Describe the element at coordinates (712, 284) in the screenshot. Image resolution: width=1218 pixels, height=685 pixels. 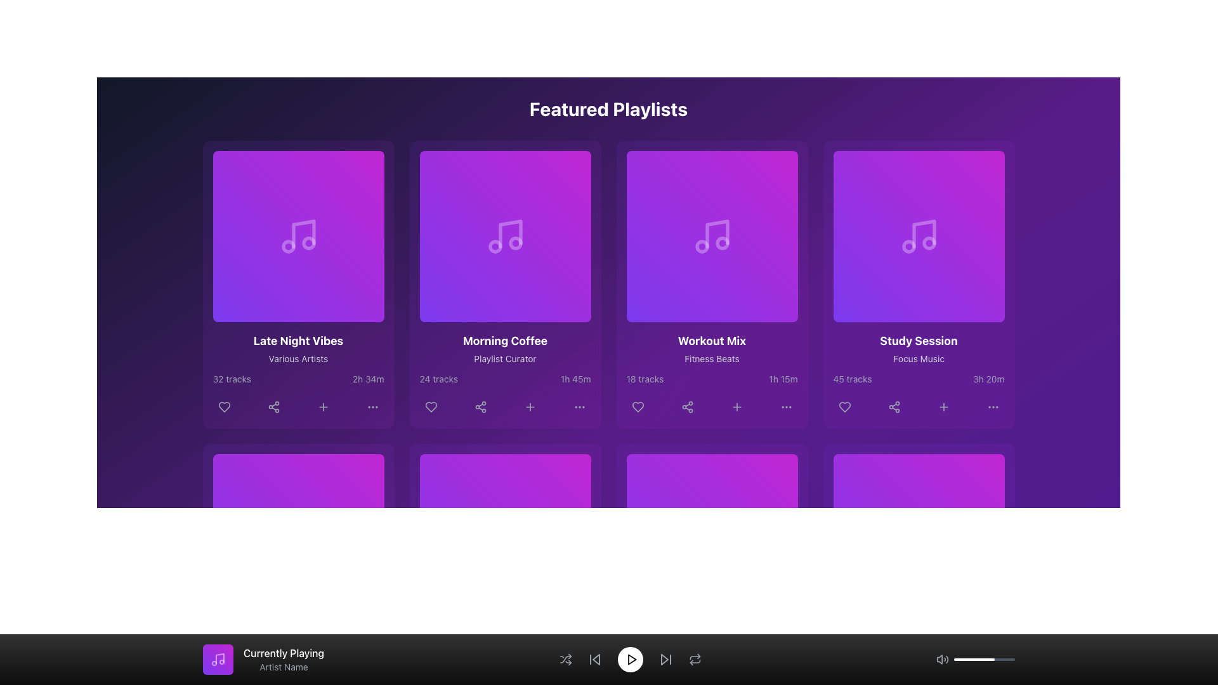
I see `the 'Workout Mix' playlist card` at that location.